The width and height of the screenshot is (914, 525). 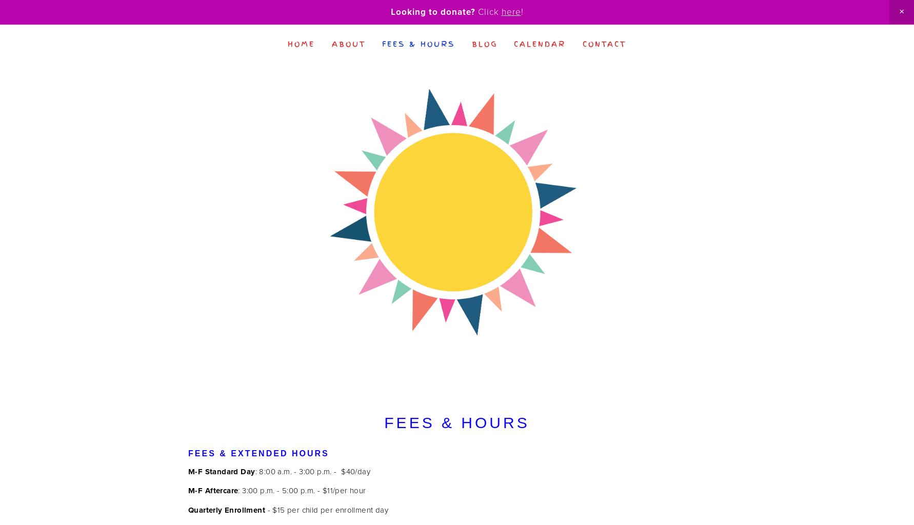 I want to click on '!', so click(x=520, y=11).